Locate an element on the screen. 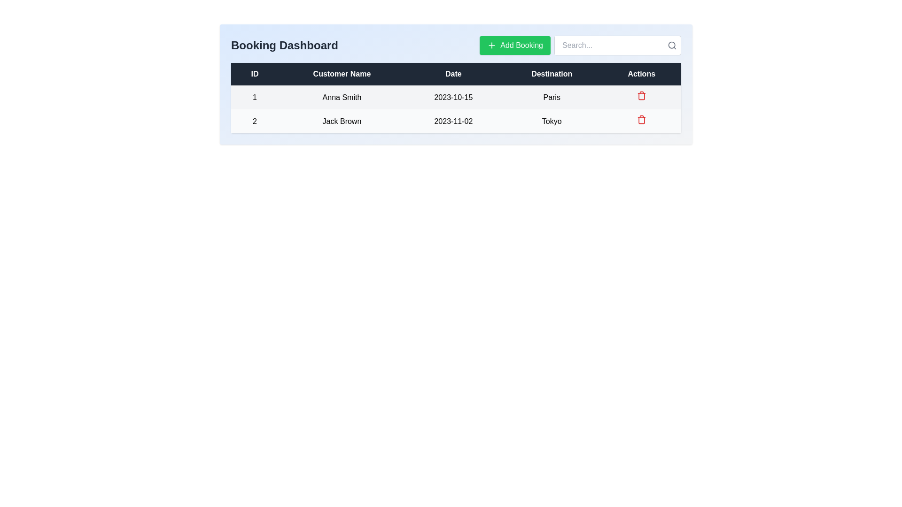 The height and width of the screenshot is (507, 902). the search icon located at the right end of the search bar is located at coordinates (671, 45).